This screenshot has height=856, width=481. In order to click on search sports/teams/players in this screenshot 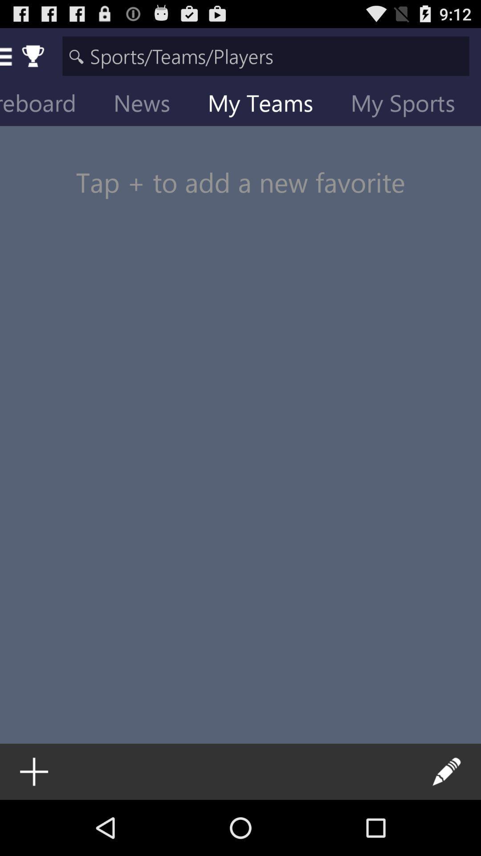, I will do `click(265, 55)`.